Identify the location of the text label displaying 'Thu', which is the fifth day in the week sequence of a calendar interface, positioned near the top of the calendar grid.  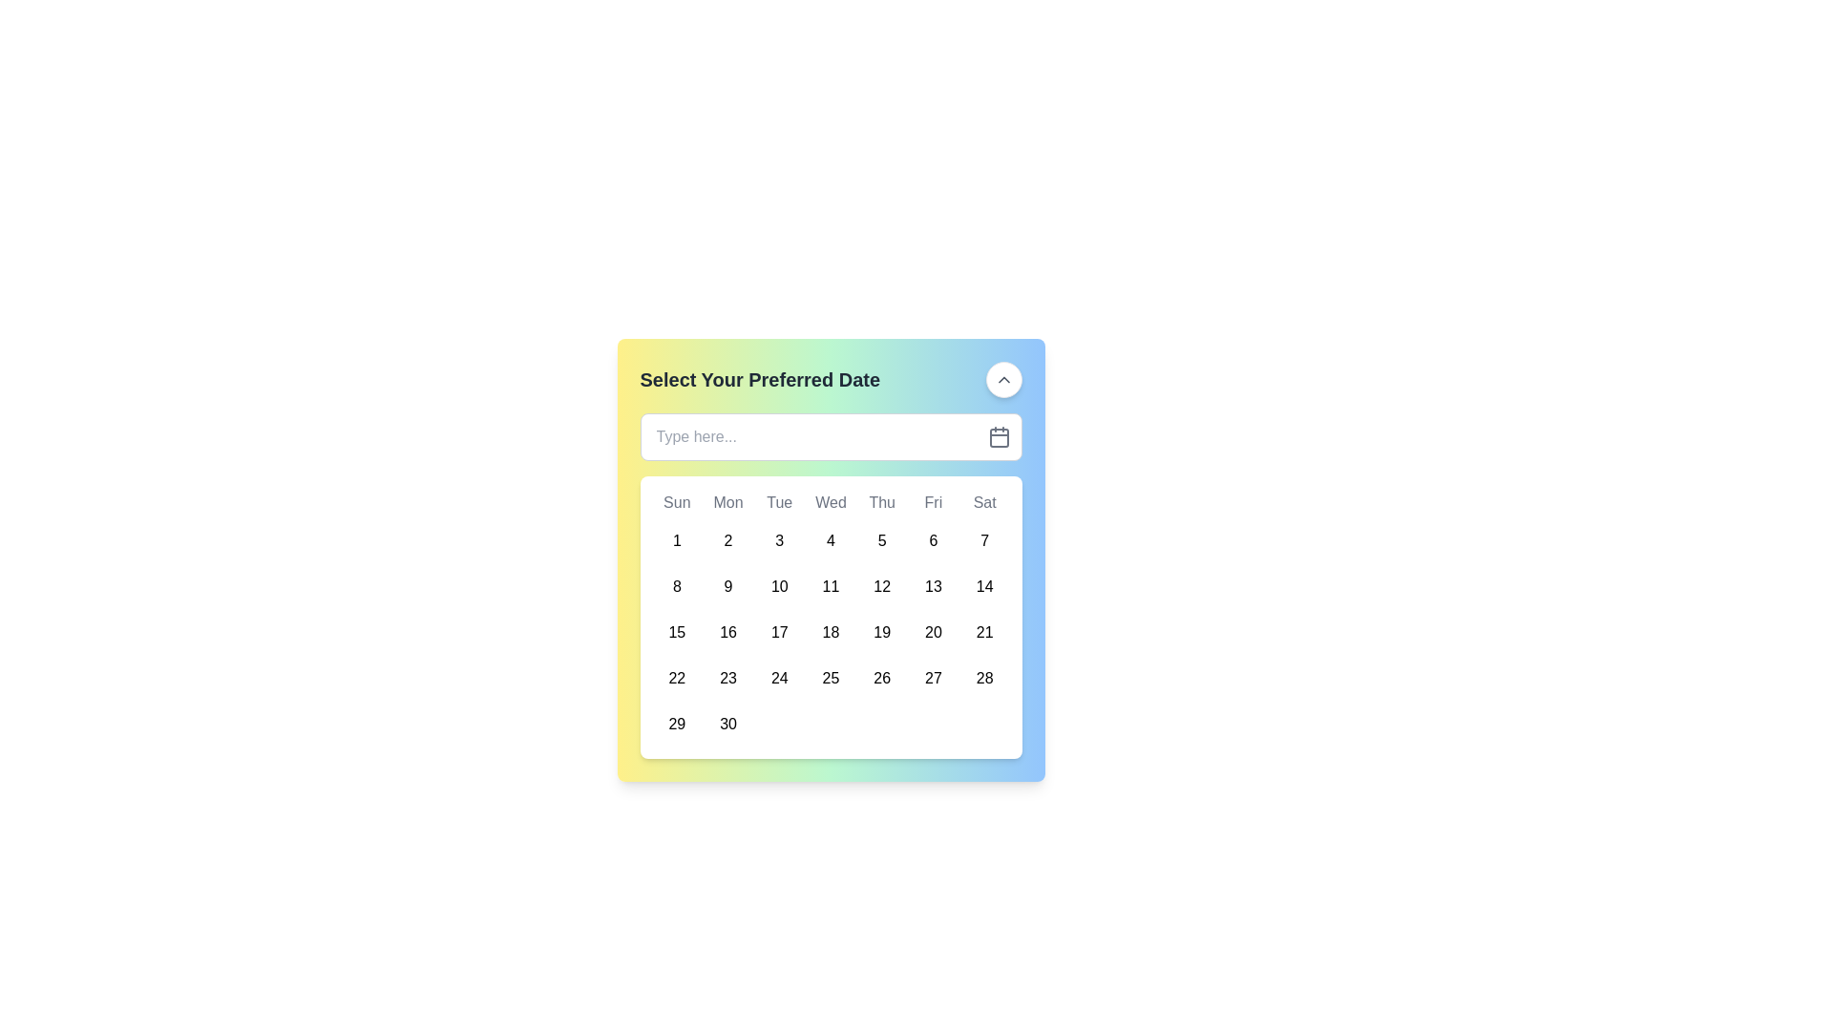
(881, 502).